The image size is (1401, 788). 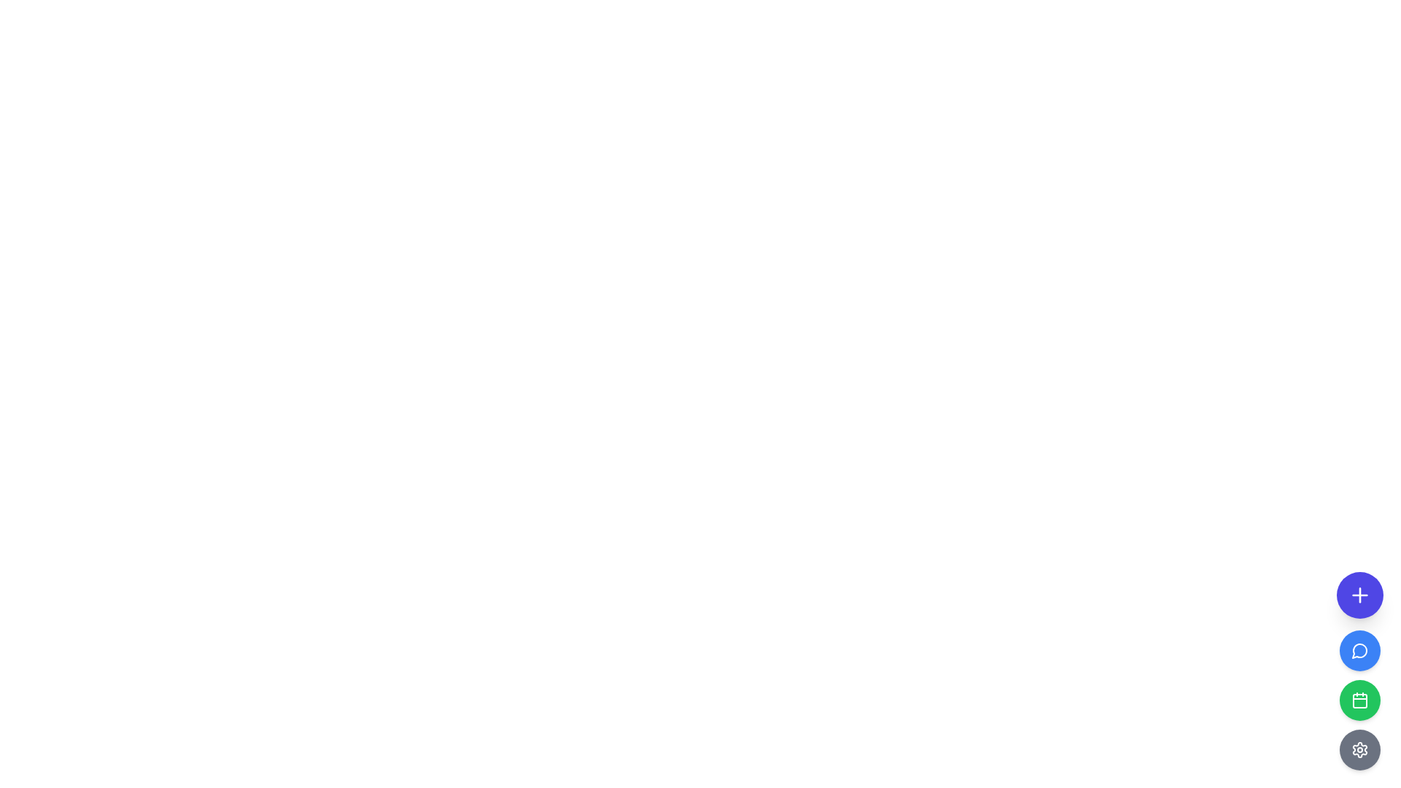 What do you see at coordinates (1359, 595) in the screenshot?
I see `the circular purple button with a white plus icon` at bounding box center [1359, 595].